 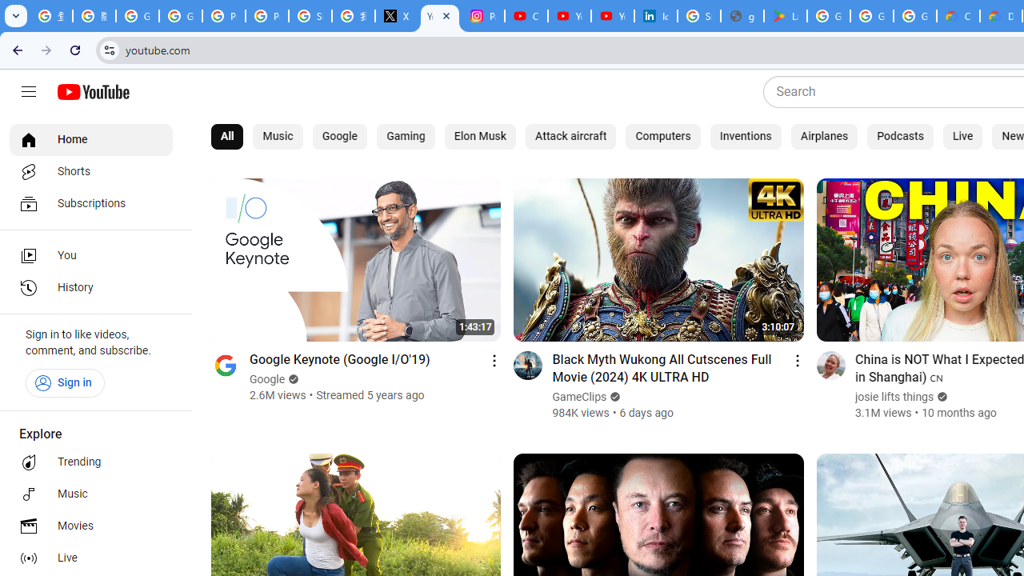 What do you see at coordinates (894, 396) in the screenshot?
I see `'josie lifts things'` at bounding box center [894, 396].